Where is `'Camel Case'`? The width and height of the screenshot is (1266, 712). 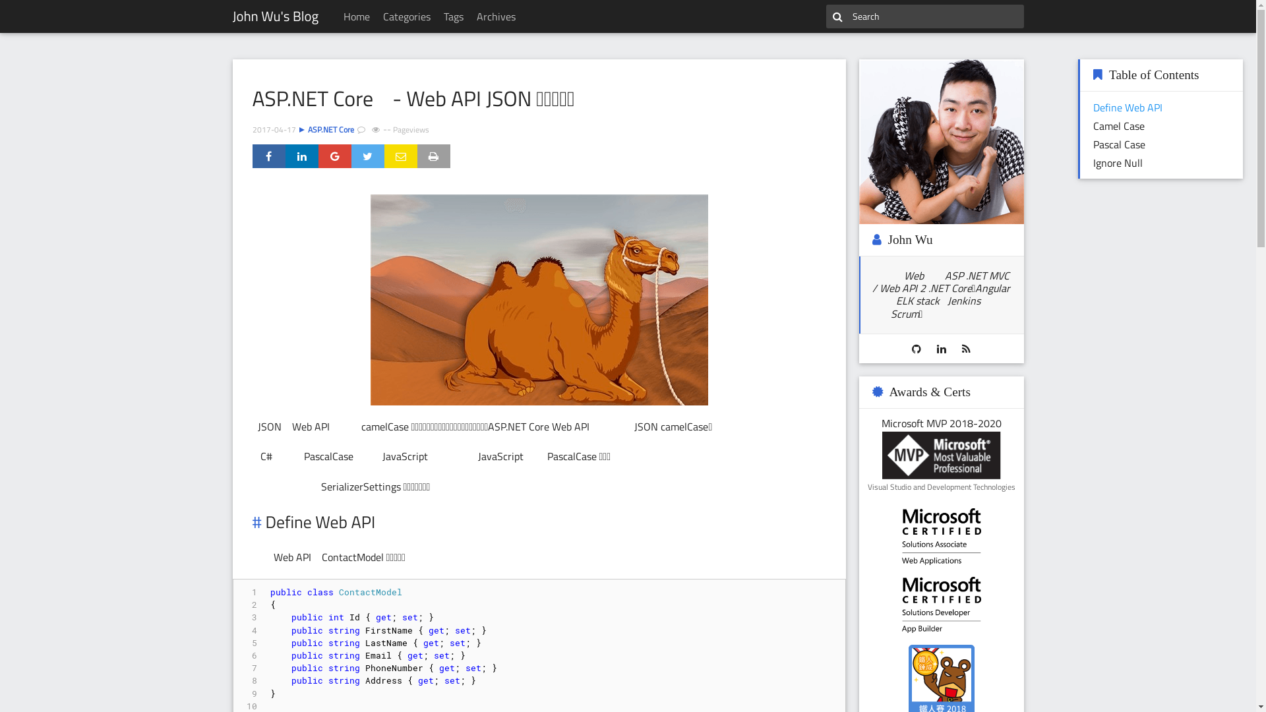
'Camel Case' is located at coordinates (1118, 126).